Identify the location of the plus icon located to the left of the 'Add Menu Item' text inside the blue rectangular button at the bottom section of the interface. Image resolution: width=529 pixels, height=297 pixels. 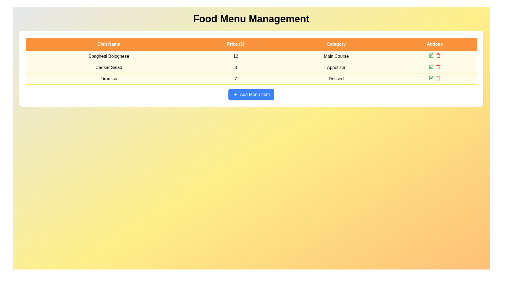
(235, 94).